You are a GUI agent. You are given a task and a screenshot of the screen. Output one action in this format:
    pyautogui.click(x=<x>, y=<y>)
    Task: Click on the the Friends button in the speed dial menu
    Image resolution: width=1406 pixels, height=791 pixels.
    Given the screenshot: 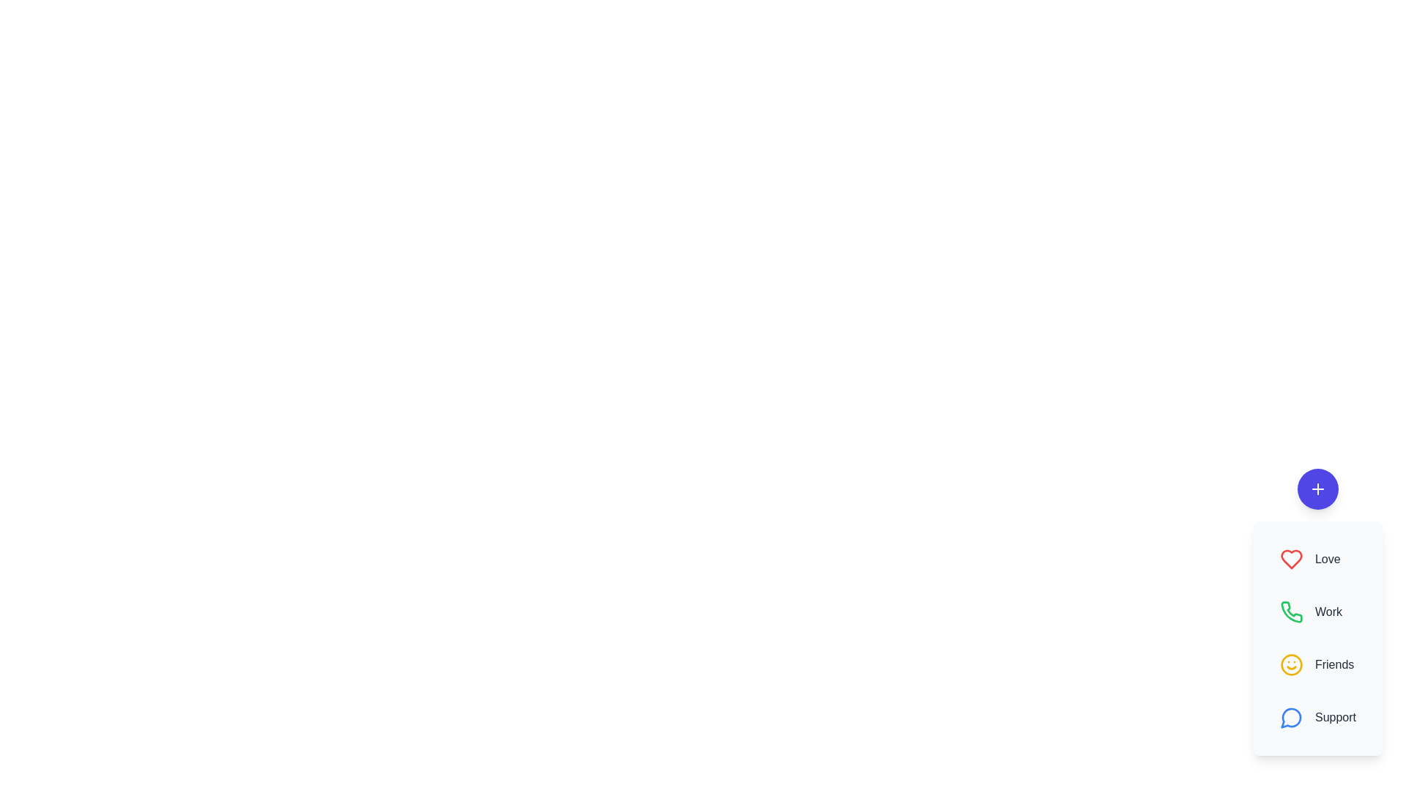 What is the action you would take?
    pyautogui.click(x=1318, y=664)
    